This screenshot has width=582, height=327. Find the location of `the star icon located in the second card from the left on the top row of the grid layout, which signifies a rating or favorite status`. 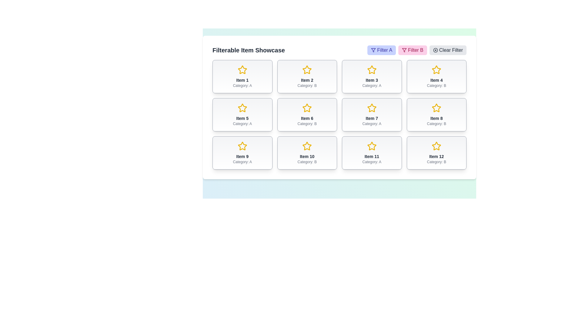

the star icon located in the second card from the left on the top row of the grid layout, which signifies a rating or favorite status is located at coordinates (307, 70).